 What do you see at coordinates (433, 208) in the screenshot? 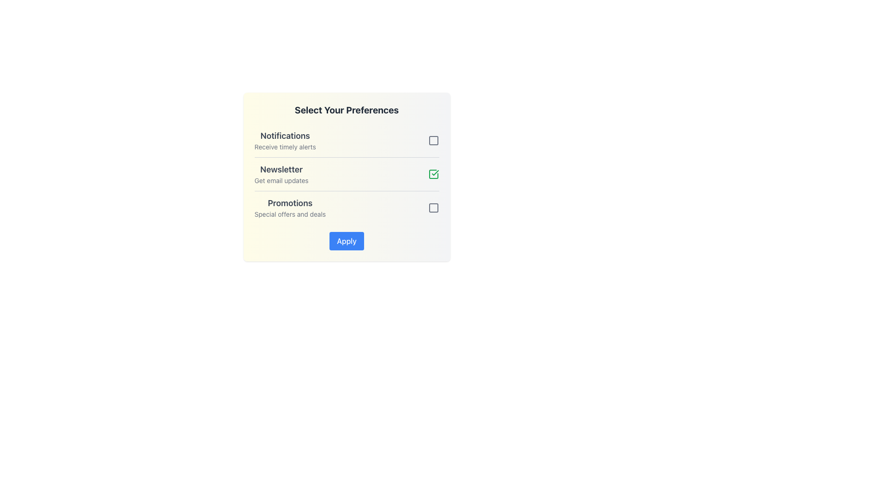
I see `the Interactive Checkbox located to the right of the 'Promotions' text in the 'Select Your Preferences' section for visual feedback` at bounding box center [433, 208].